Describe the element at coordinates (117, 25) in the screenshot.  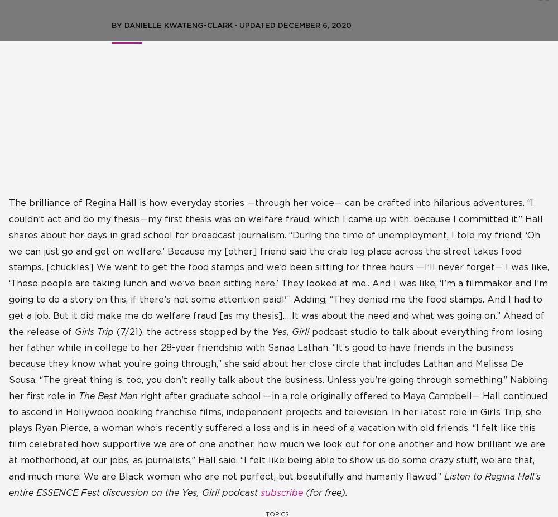
I see `'By'` at that location.